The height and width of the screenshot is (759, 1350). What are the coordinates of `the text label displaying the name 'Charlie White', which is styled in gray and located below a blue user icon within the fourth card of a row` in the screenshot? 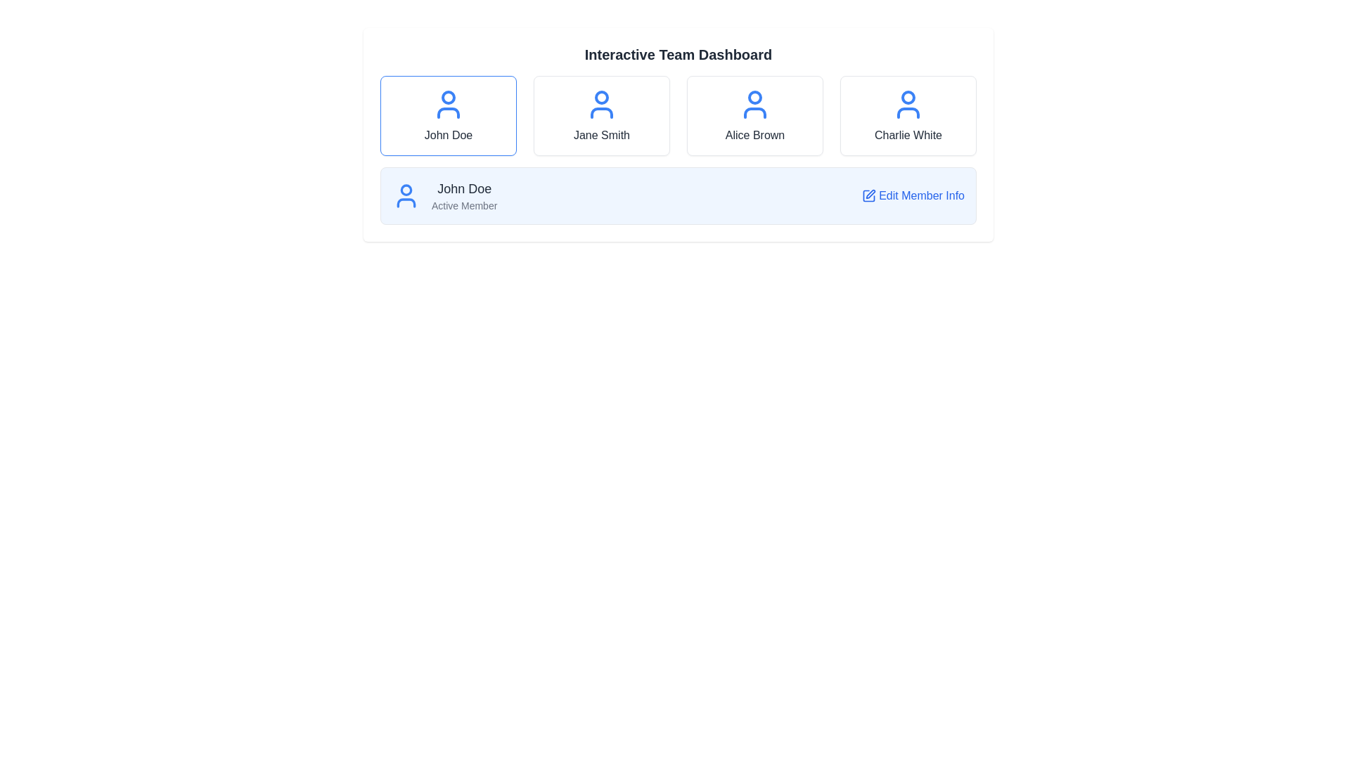 It's located at (908, 135).